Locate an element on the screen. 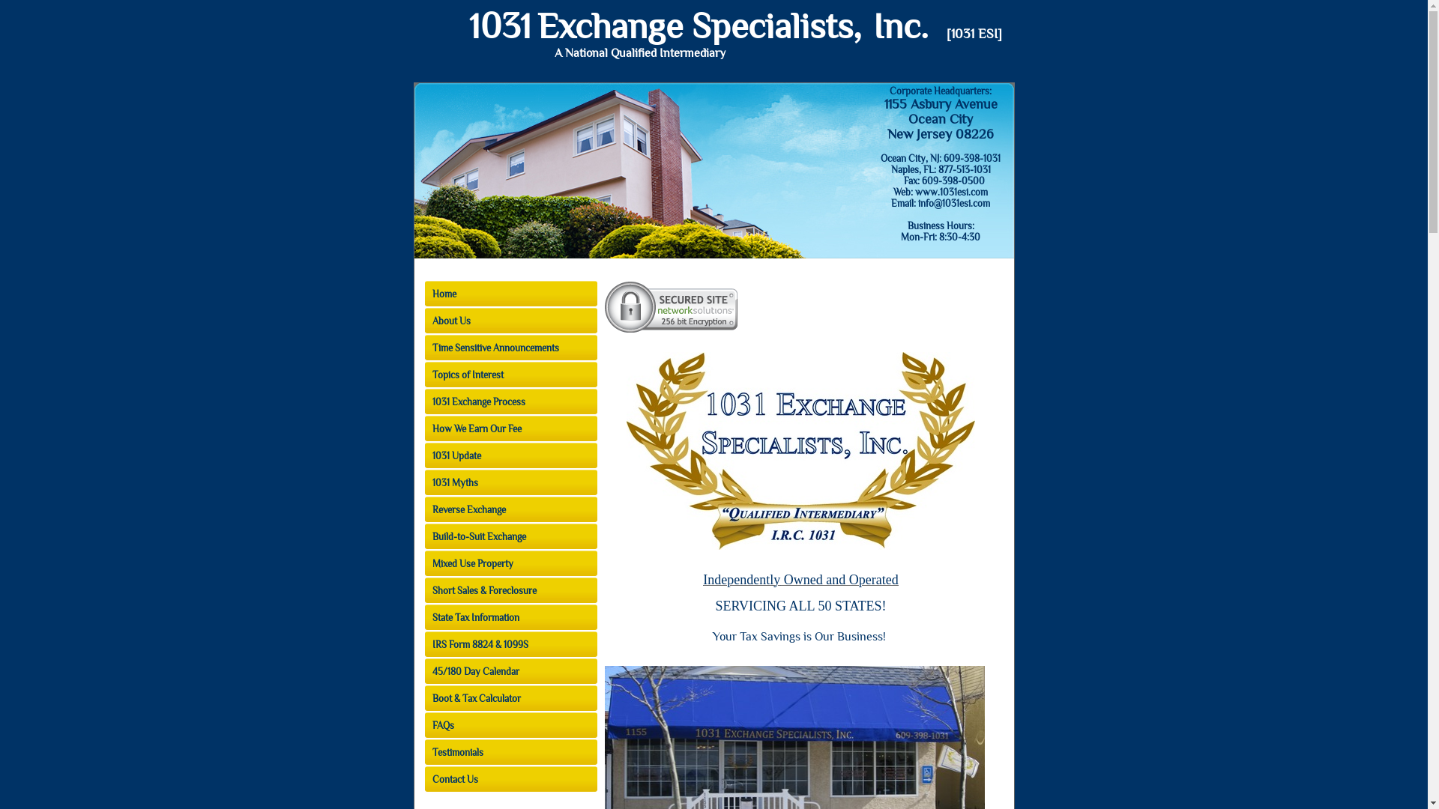 The width and height of the screenshot is (1439, 809). 'FAQs' is located at coordinates (423, 724).